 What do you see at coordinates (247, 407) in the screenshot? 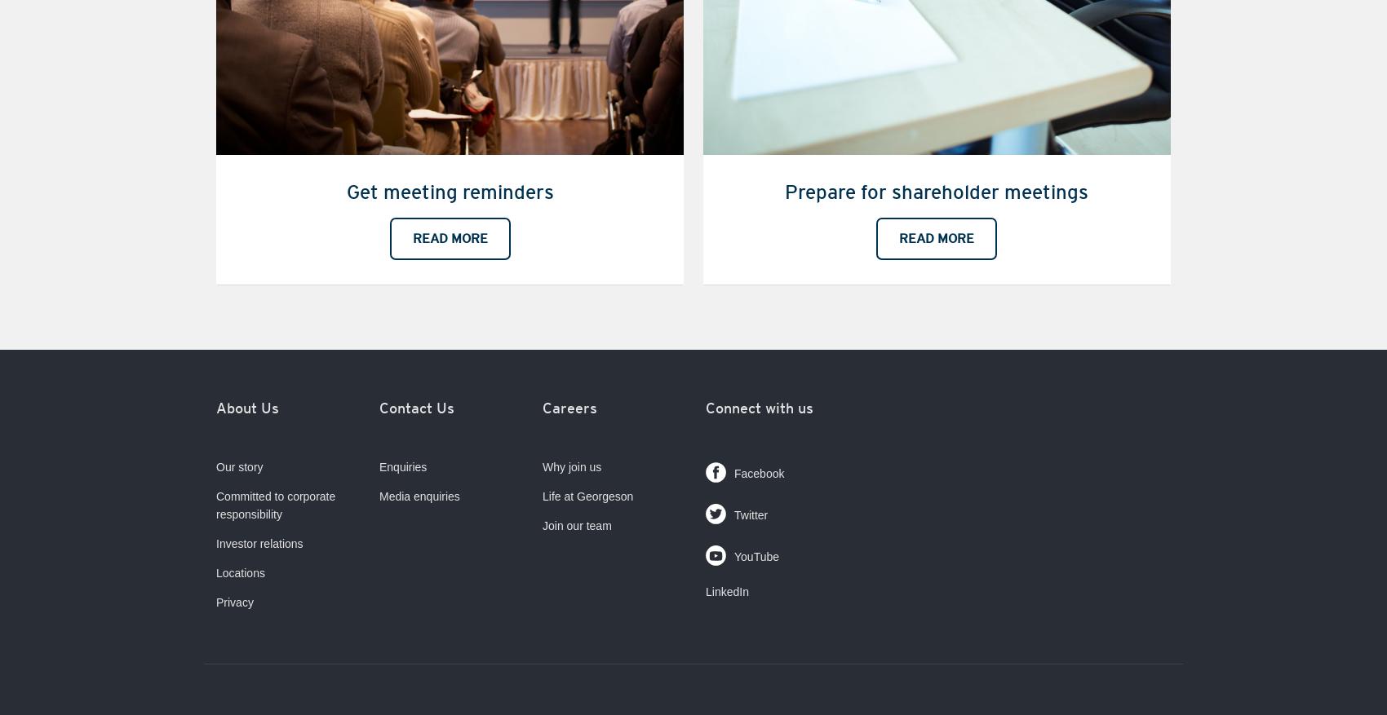
I see `'About Us'` at bounding box center [247, 407].